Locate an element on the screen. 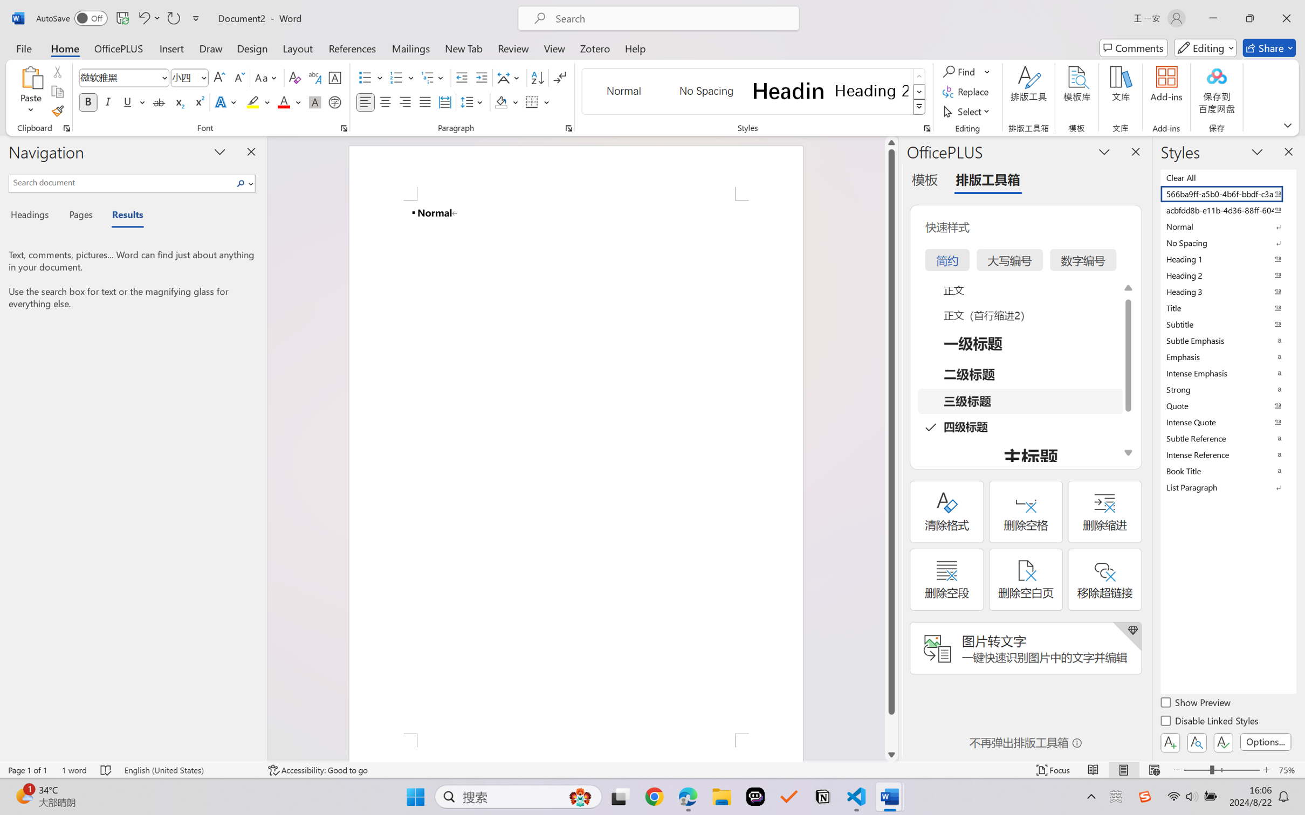 This screenshot has width=1305, height=815. 'Layout' is located at coordinates (297, 47).